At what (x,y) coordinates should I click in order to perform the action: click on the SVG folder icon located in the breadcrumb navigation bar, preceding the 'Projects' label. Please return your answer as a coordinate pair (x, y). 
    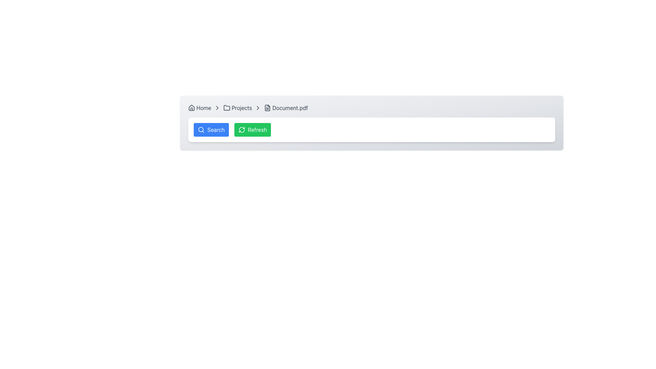
    Looking at the image, I should click on (227, 108).